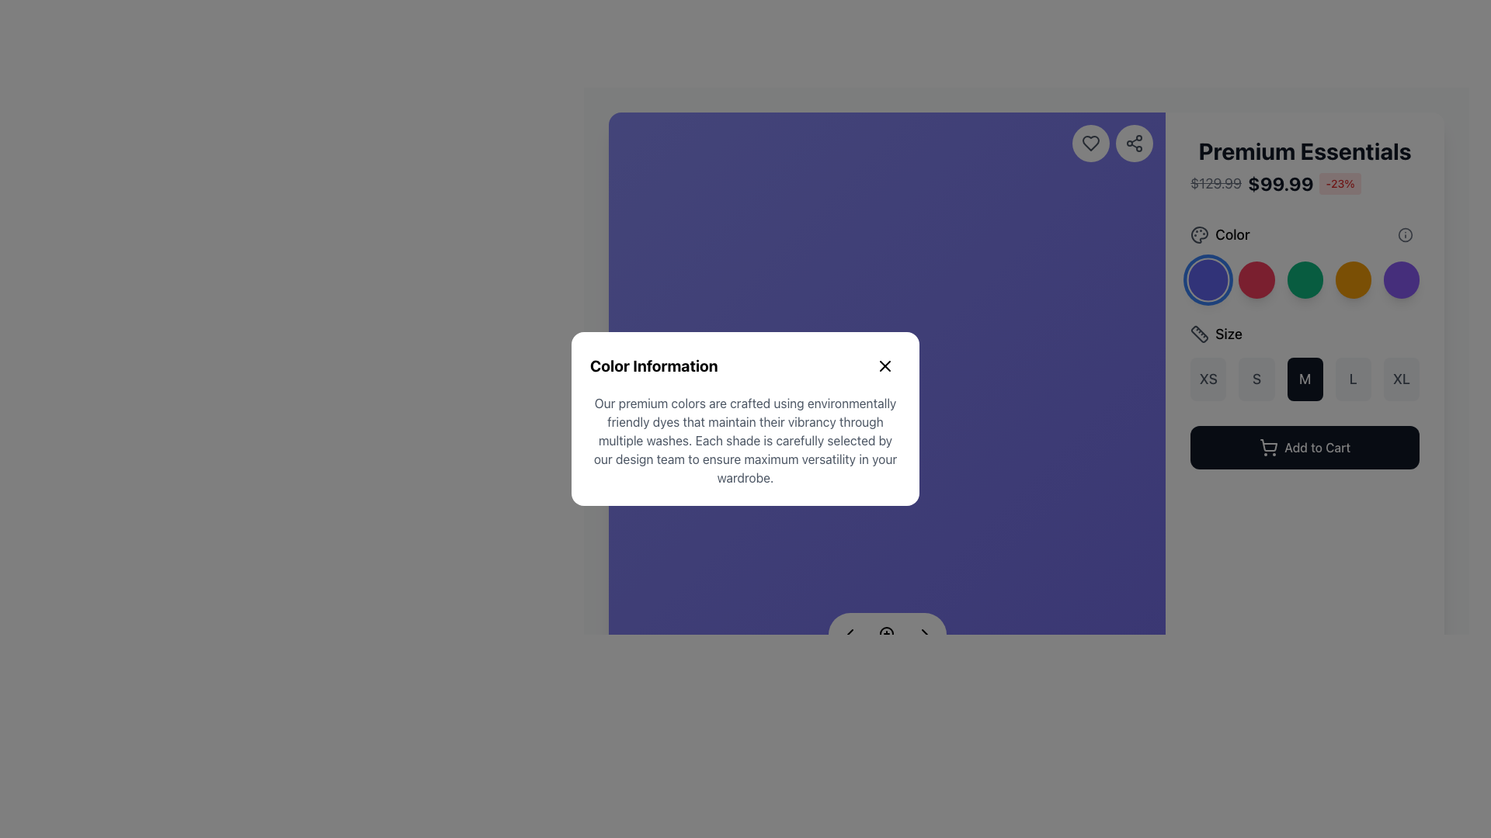 This screenshot has width=1491, height=838. What do you see at coordinates (924, 635) in the screenshot?
I see `the right-facing chevron arrow icon used for navigation located at the bottom right of the popup` at bounding box center [924, 635].